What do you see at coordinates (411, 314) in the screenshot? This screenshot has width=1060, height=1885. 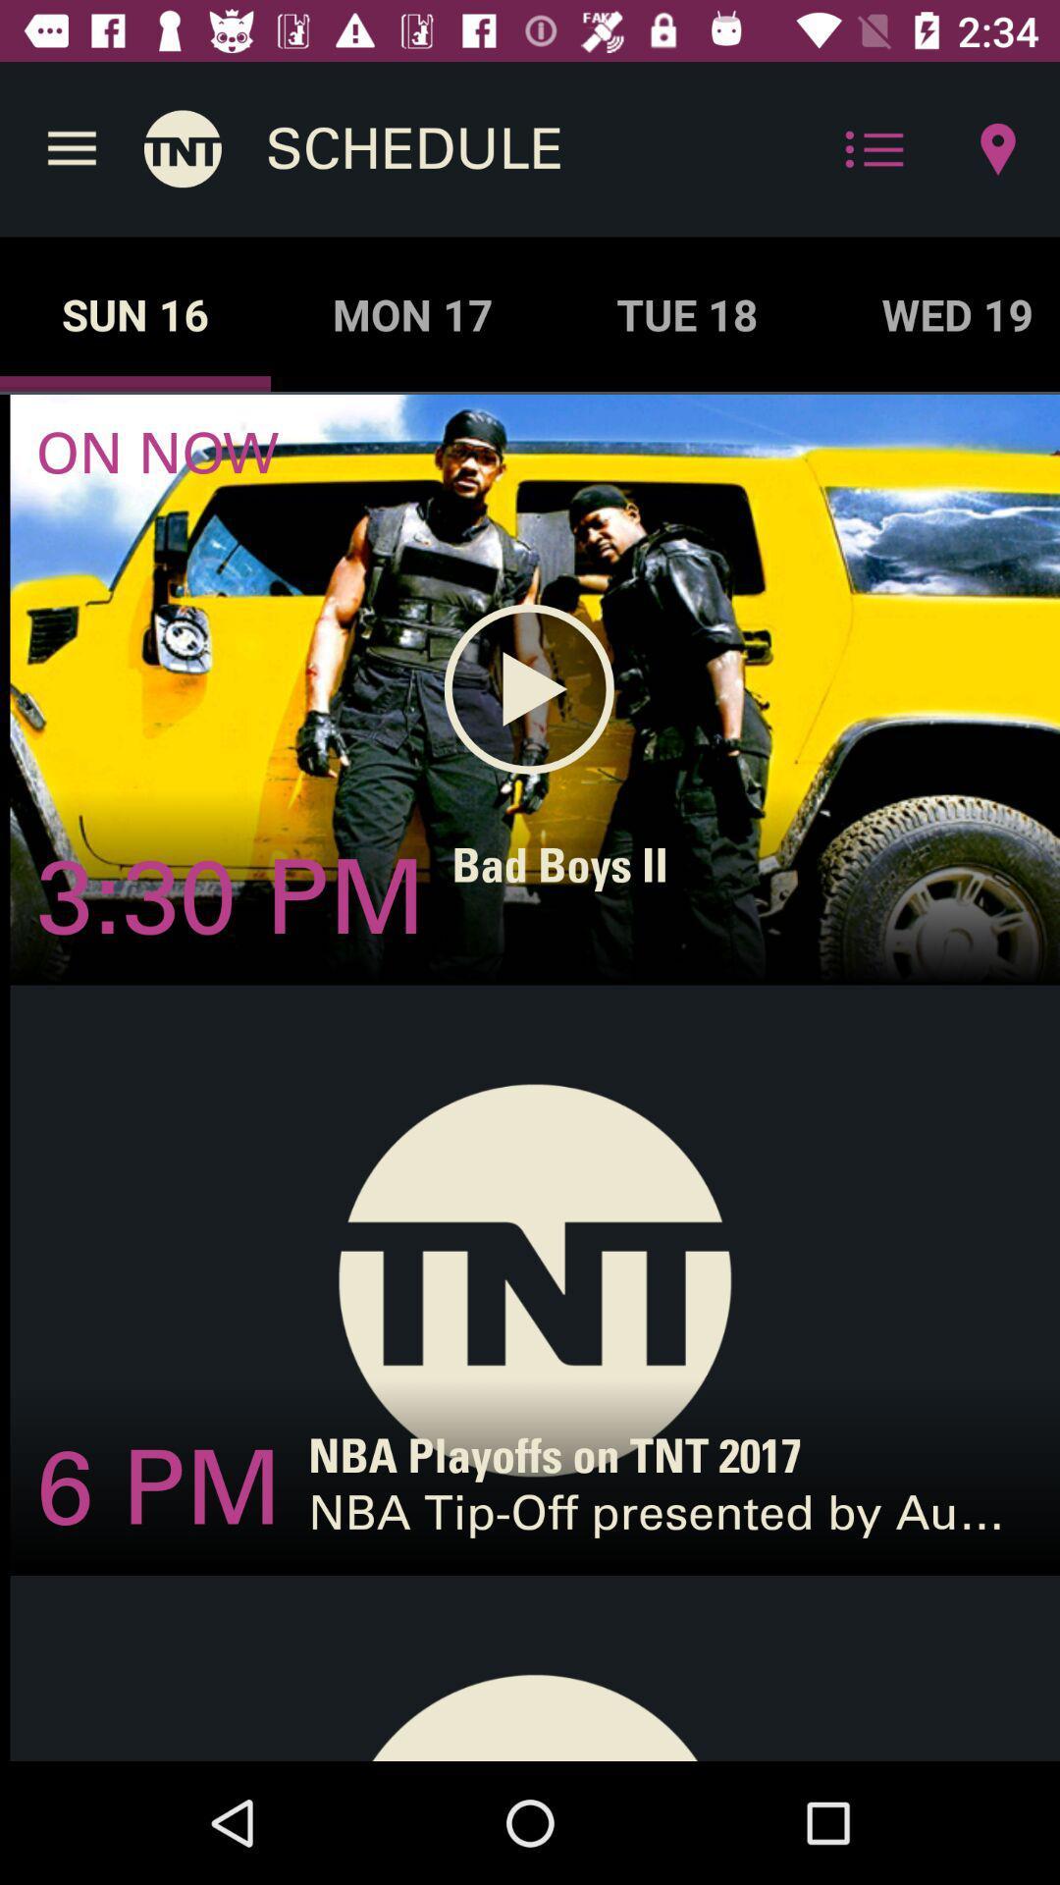 I see `mon 17 icon` at bounding box center [411, 314].